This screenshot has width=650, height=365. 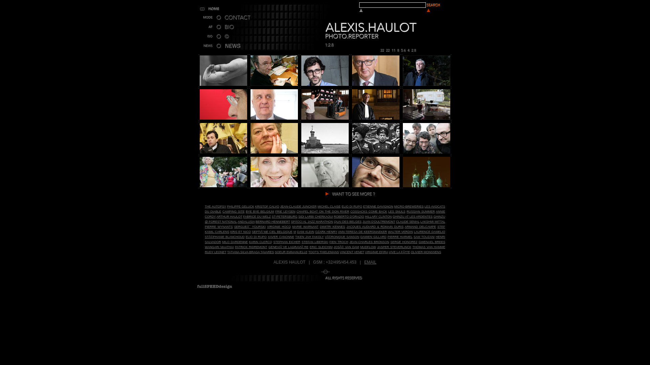 I want to click on 'OLIVIER MONSSENS', so click(x=425, y=252).